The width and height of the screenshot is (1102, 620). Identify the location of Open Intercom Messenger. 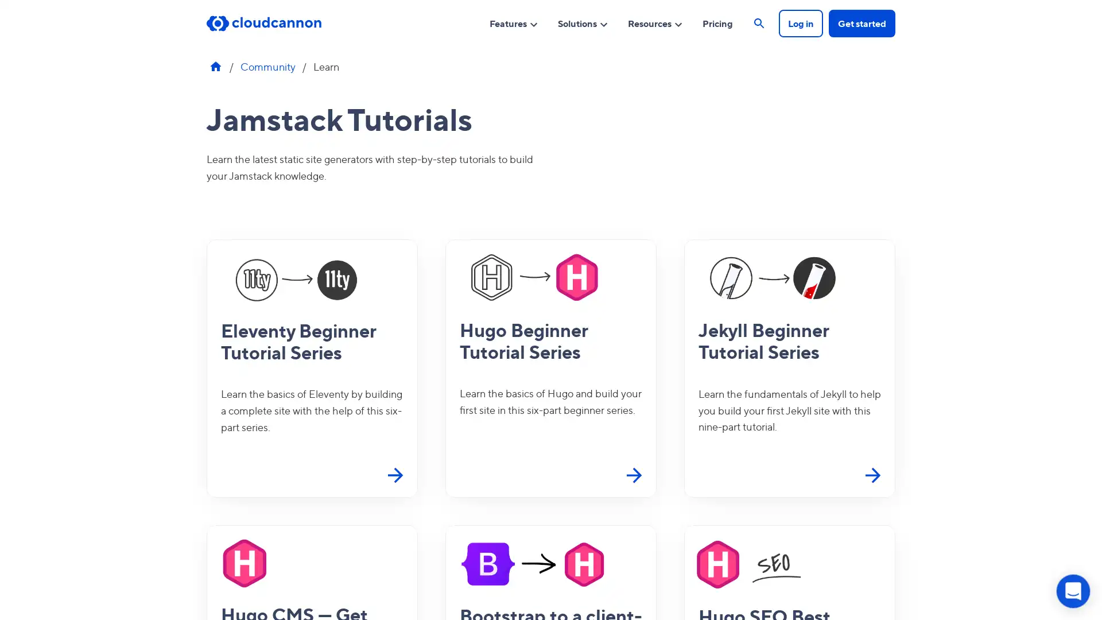
(1073, 591).